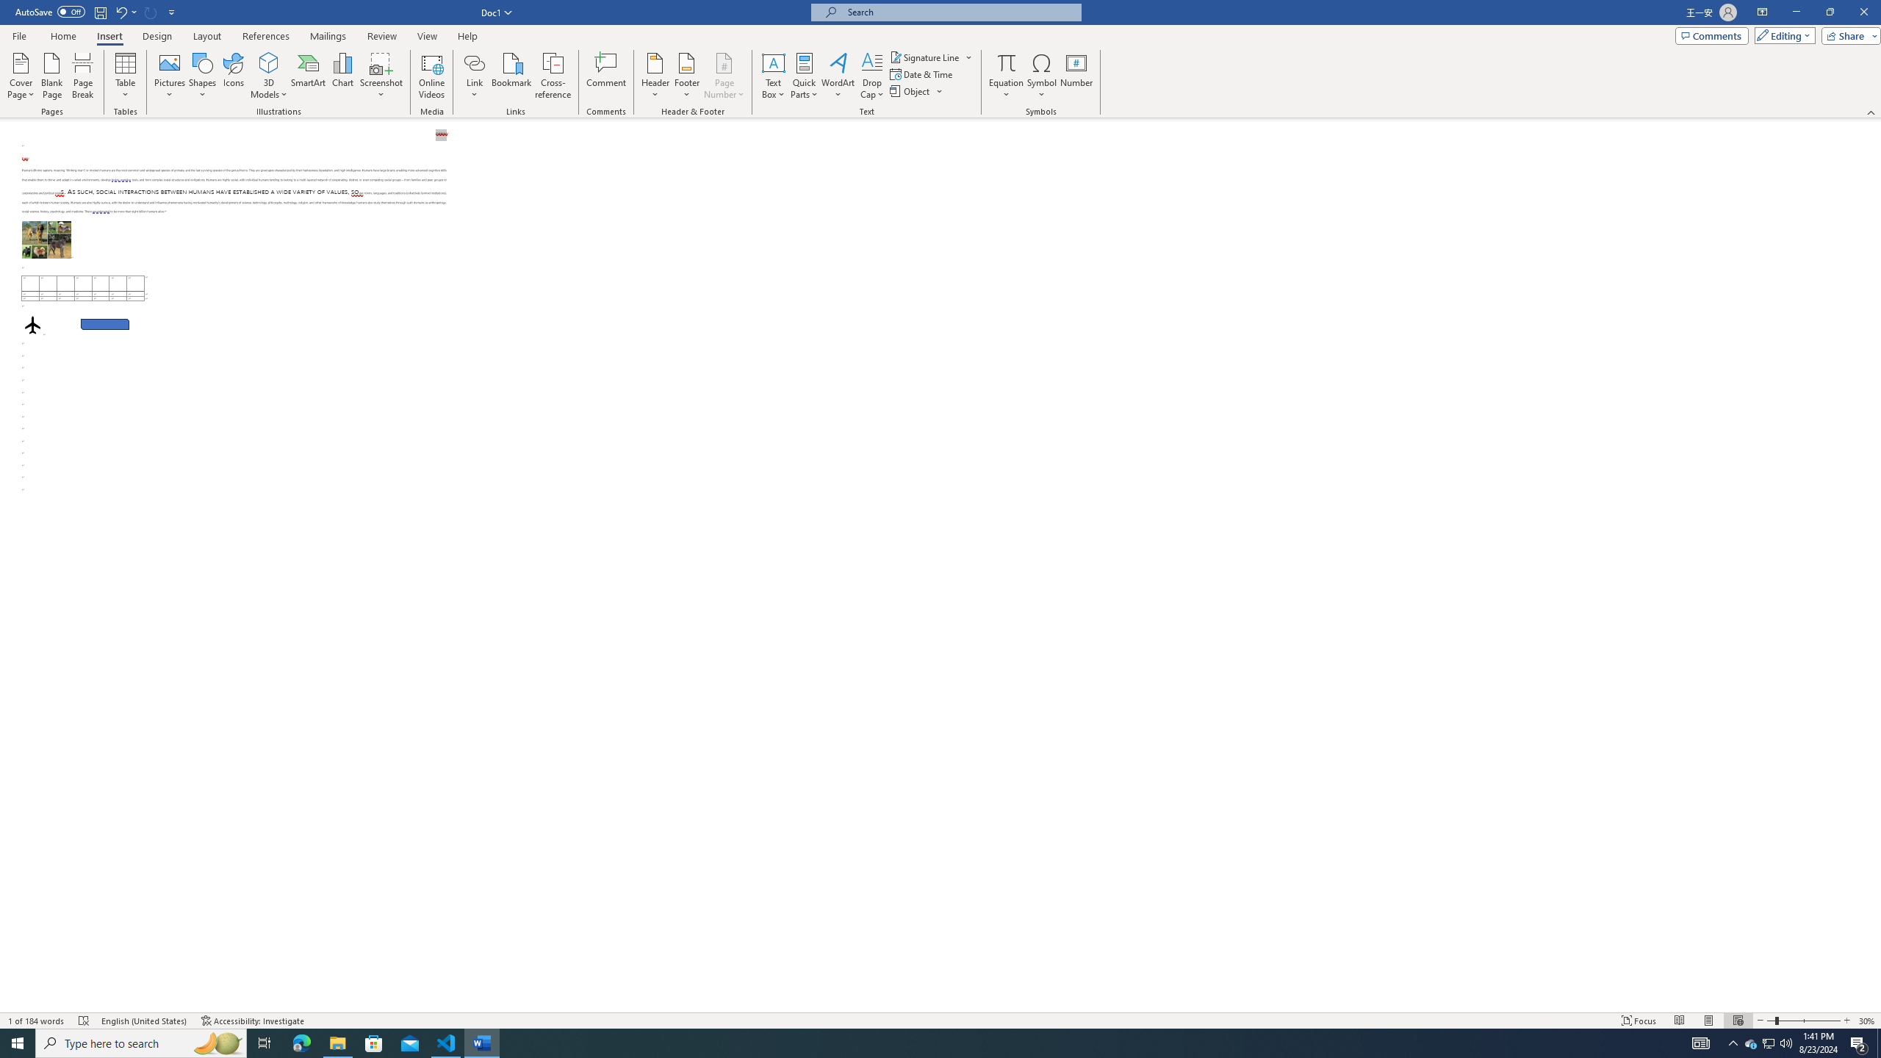  What do you see at coordinates (51, 11) in the screenshot?
I see `'AutoSave'` at bounding box center [51, 11].